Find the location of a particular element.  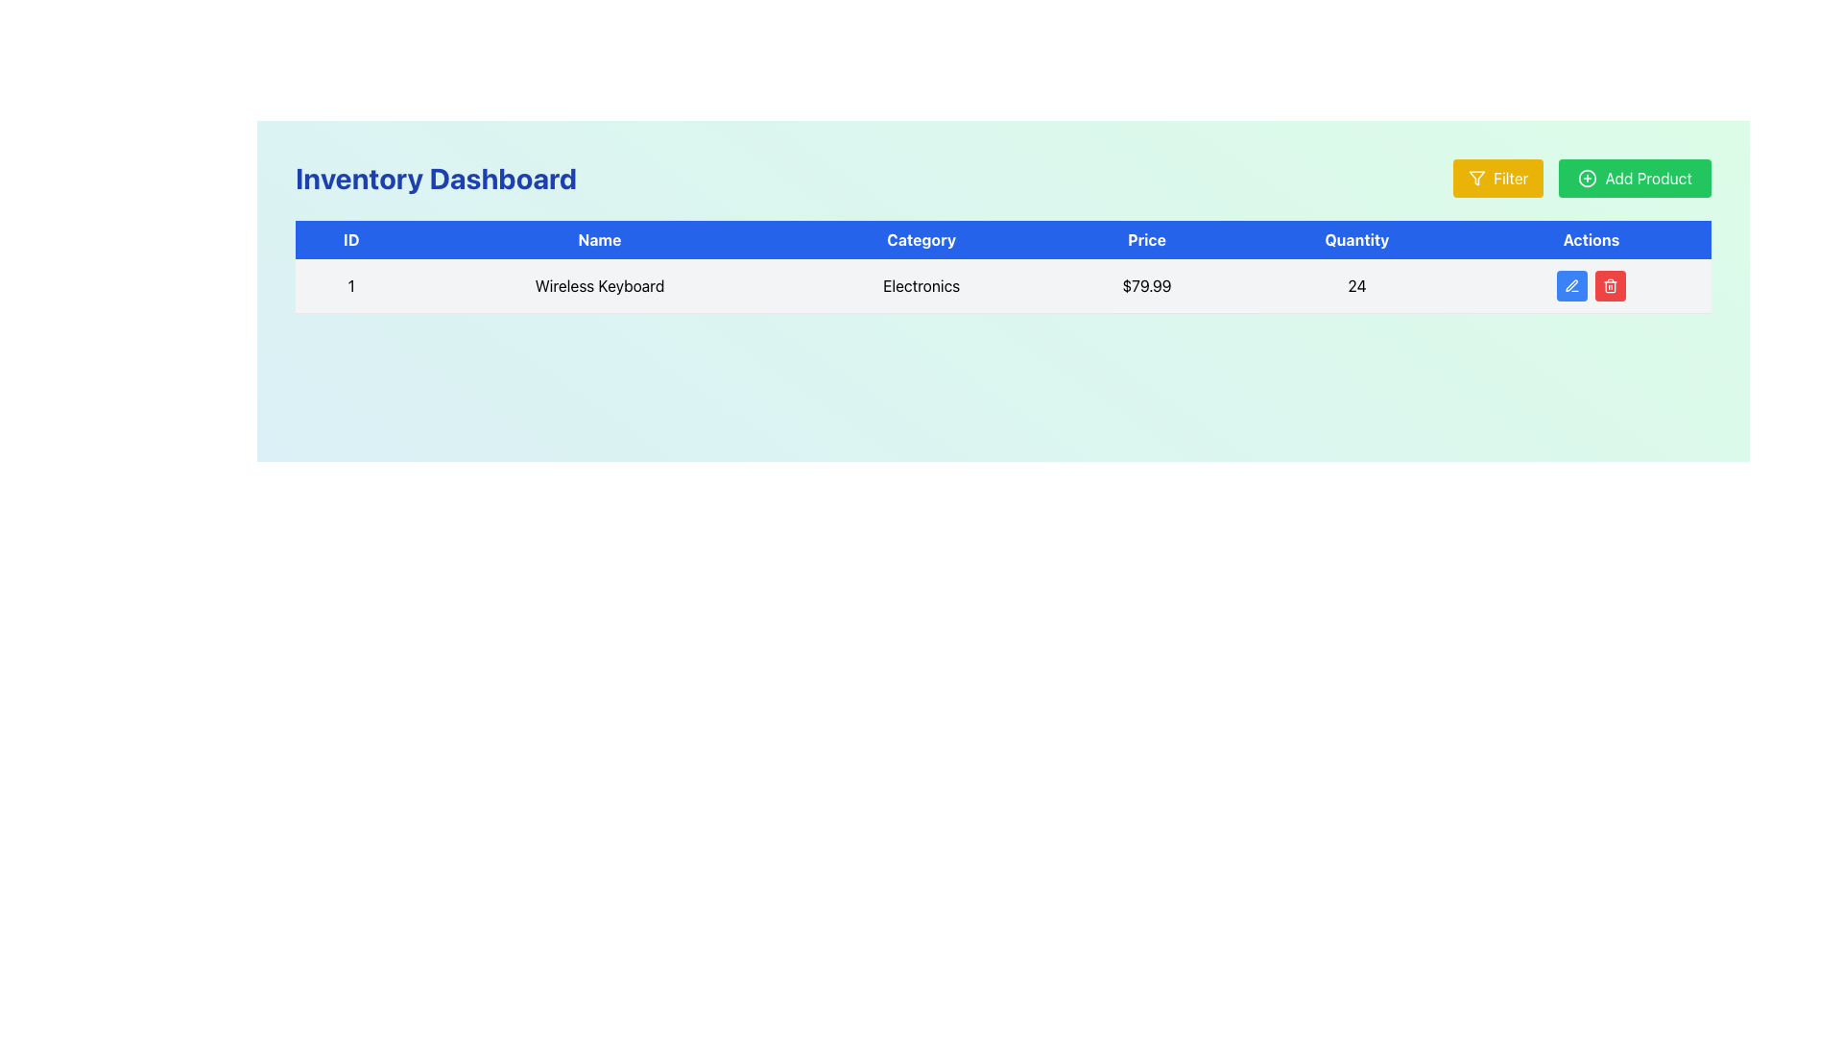

the trash bin icon located is located at coordinates (1610, 287).